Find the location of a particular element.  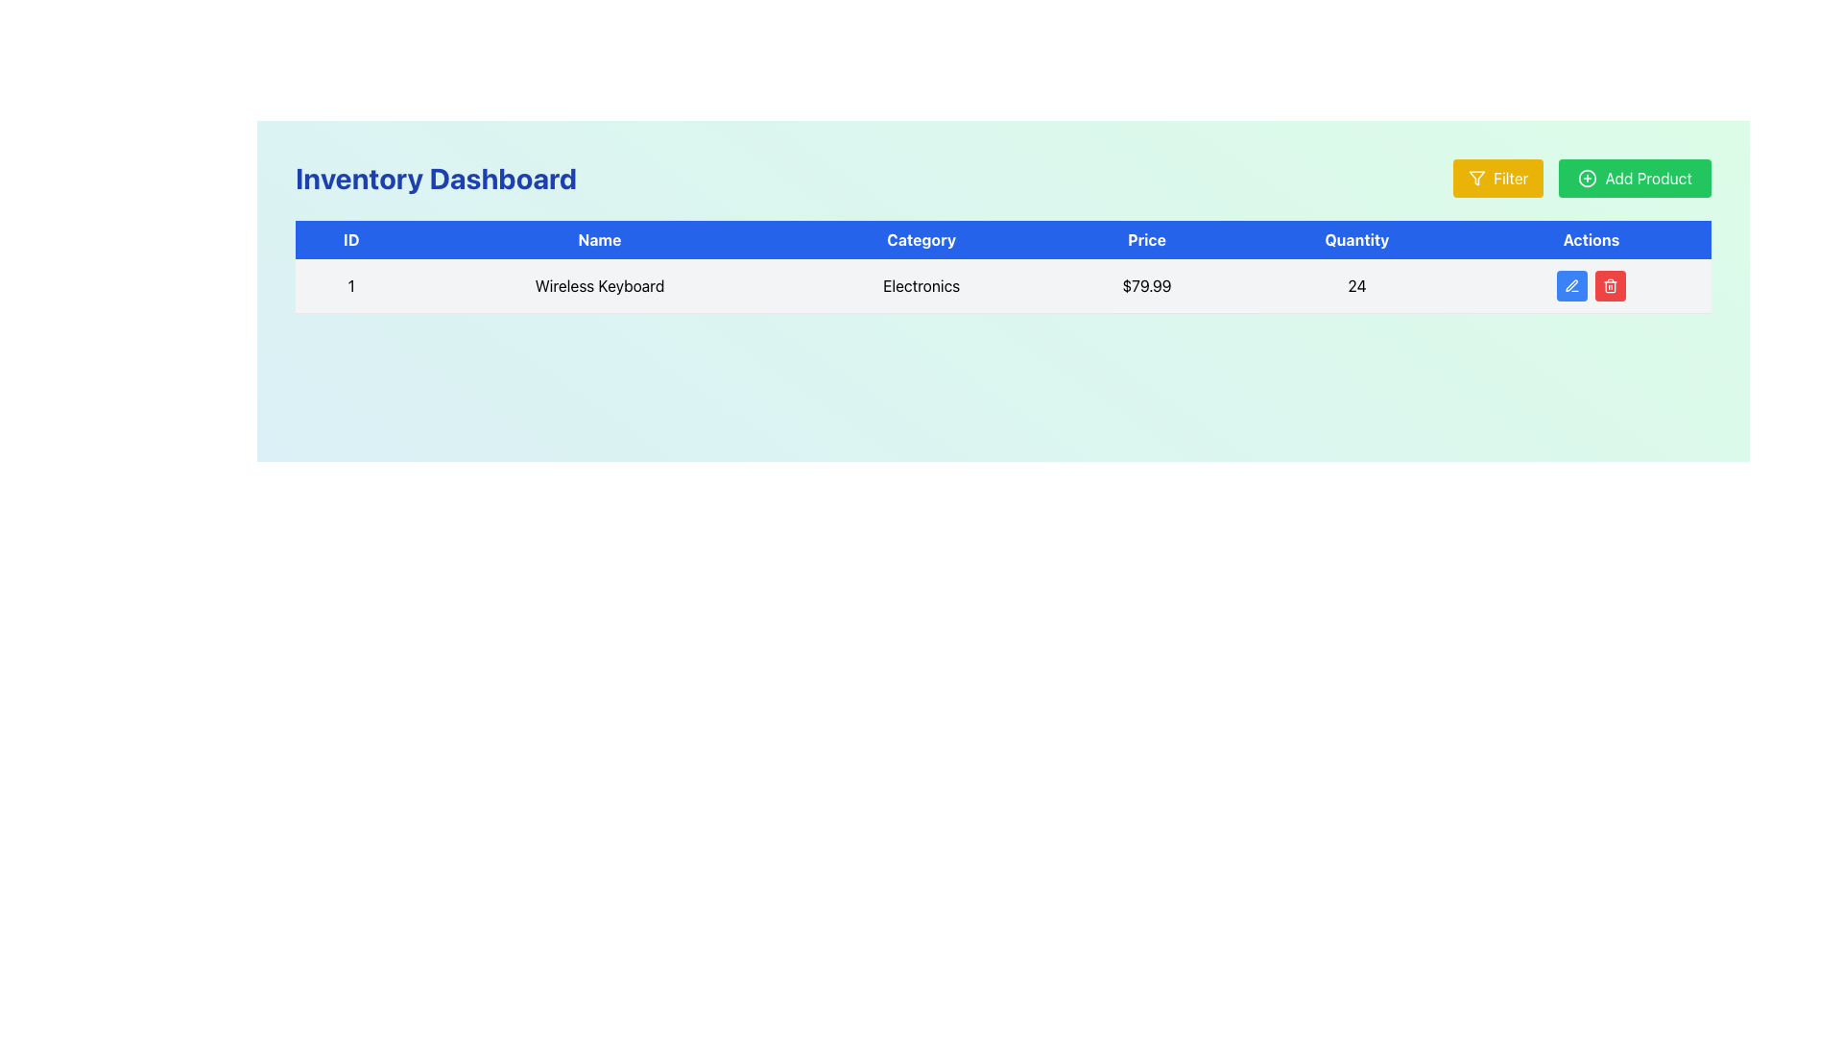

the trash bin icon located is located at coordinates (1610, 287).